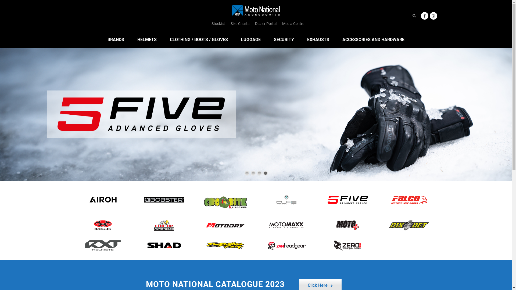 This screenshot has width=516, height=290. What do you see at coordinates (389, 200) in the screenshot?
I see `'falcoboot'` at bounding box center [389, 200].